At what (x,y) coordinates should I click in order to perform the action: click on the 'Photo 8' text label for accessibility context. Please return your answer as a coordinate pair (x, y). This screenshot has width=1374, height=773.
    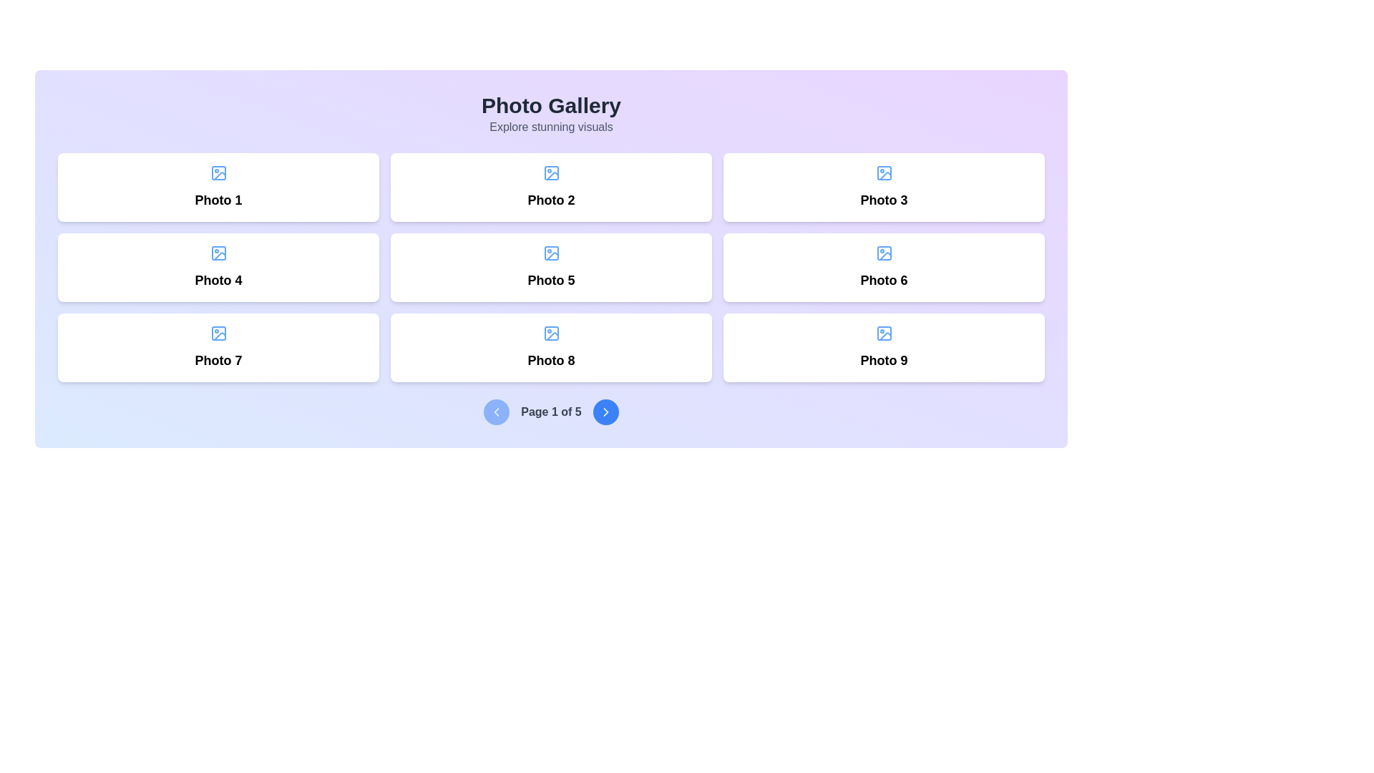
    Looking at the image, I should click on (550, 360).